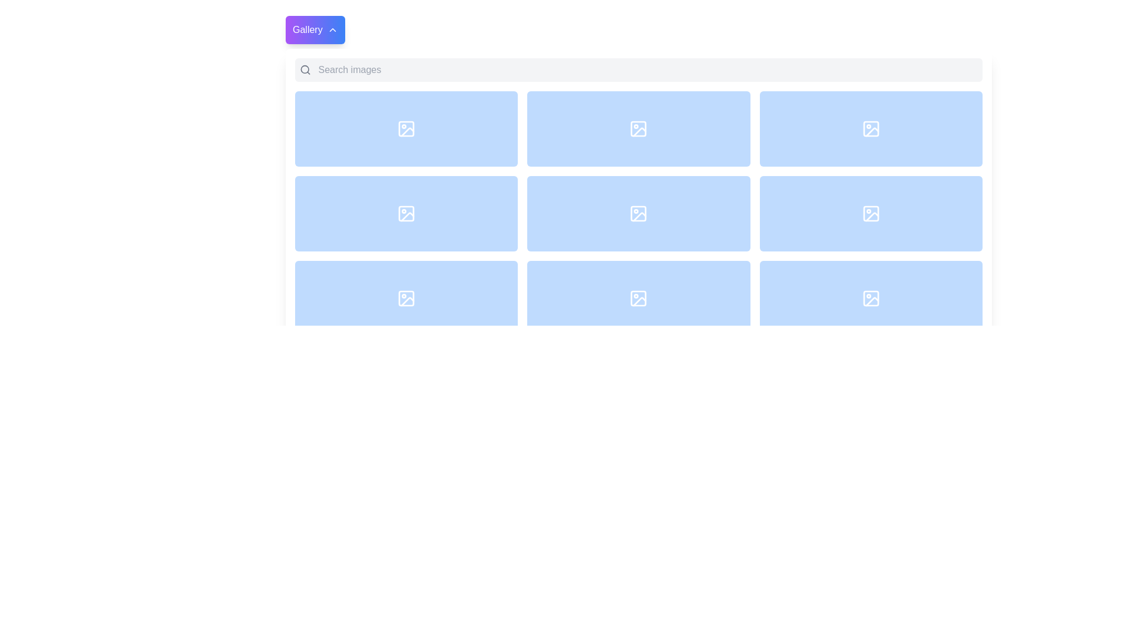  I want to click on the image icon, which is styled with a square frame enclosing a circular shape, located at the center of the middle row in a grid layout, so click(638, 213).